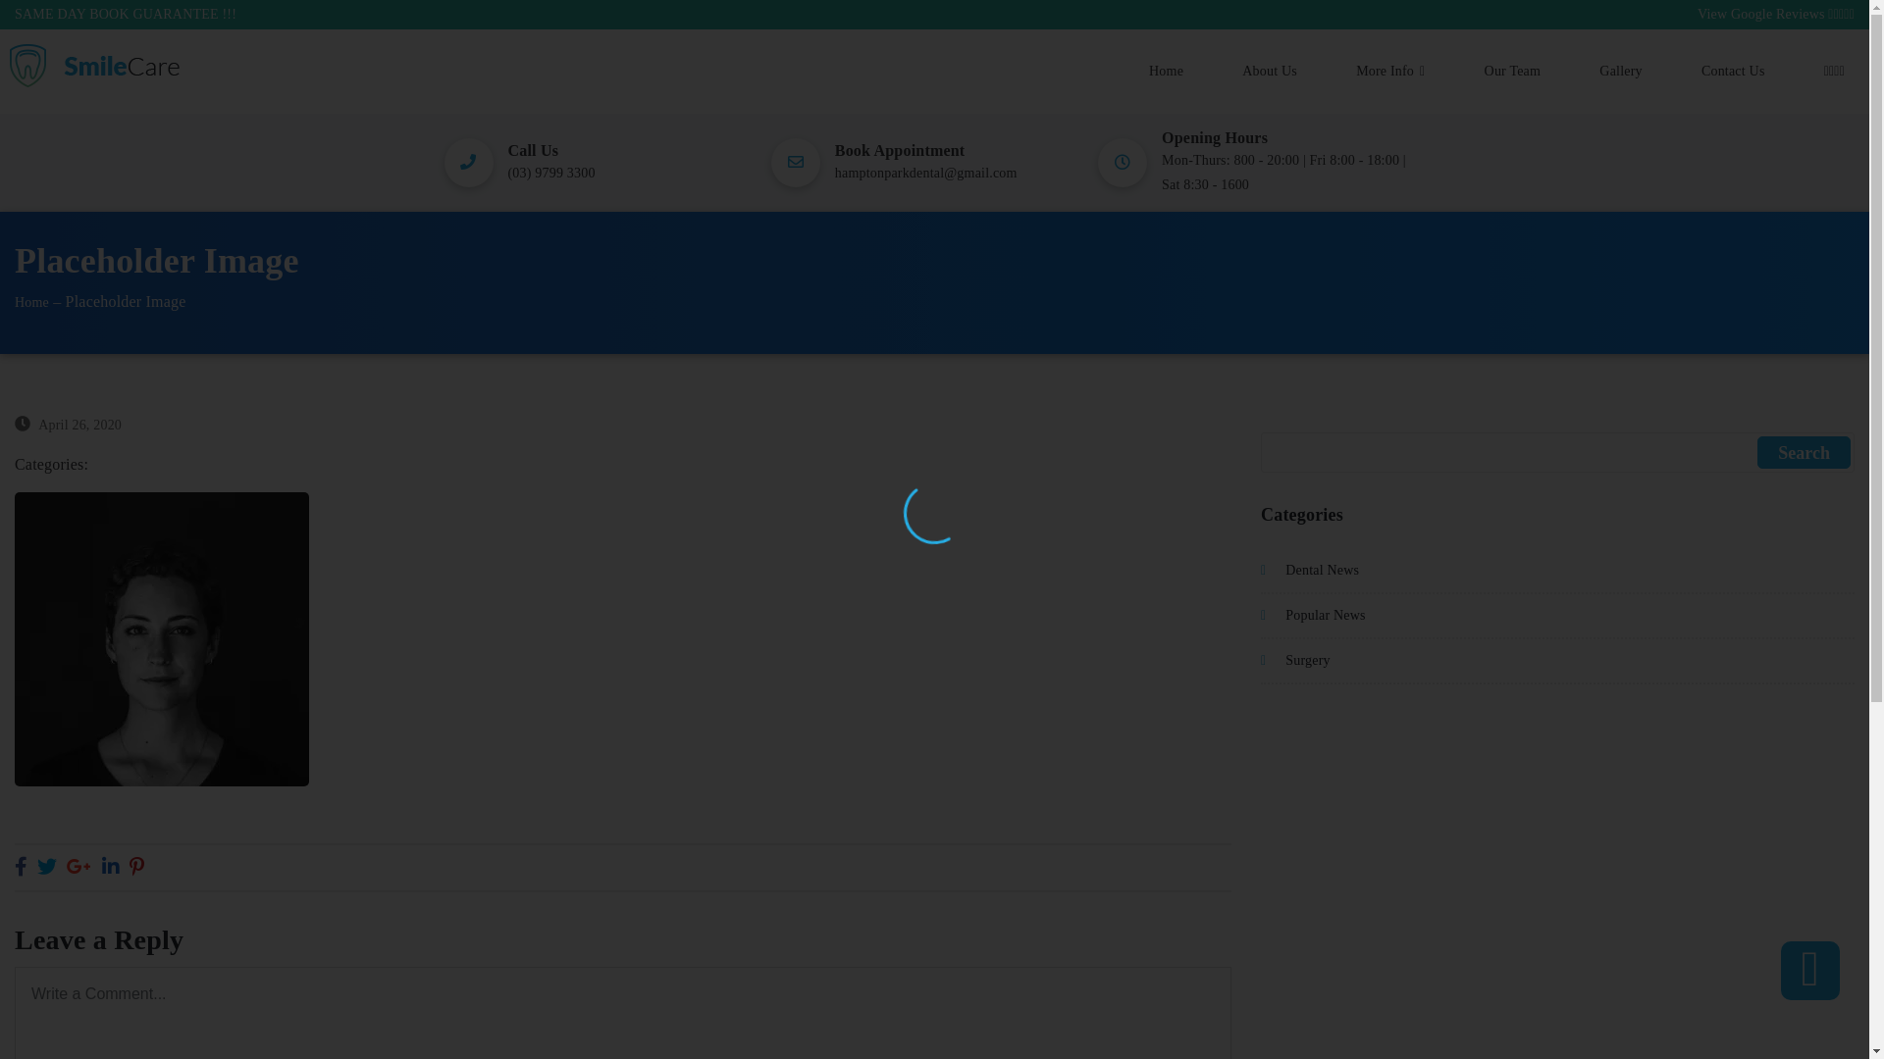  Describe the element at coordinates (1620, 70) in the screenshot. I see `'Gallery'` at that location.